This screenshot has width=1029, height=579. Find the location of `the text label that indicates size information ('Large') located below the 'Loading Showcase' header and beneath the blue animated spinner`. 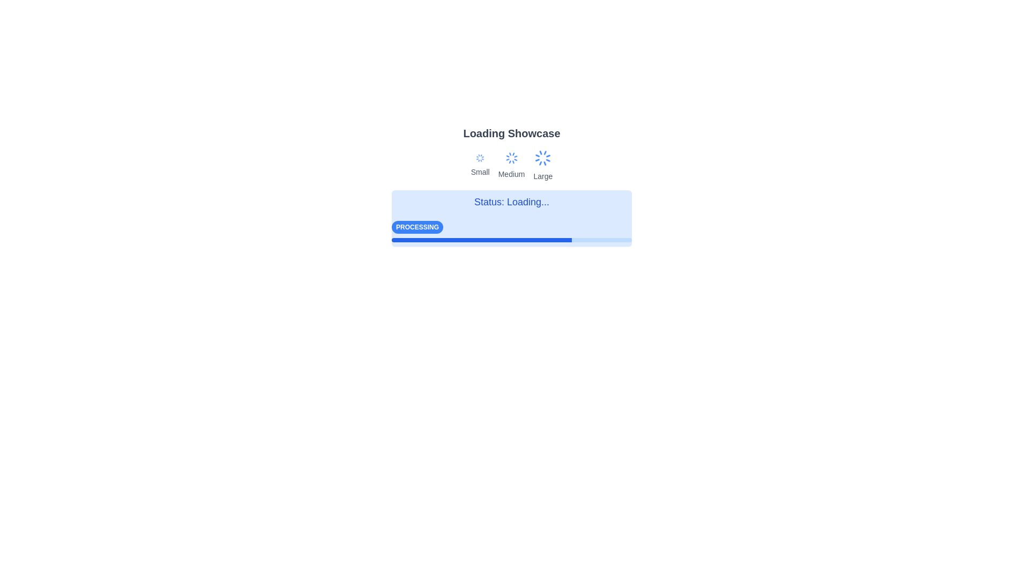

the text label that indicates size information ('Large') located below the 'Loading Showcase' header and beneath the blue animated spinner is located at coordinates (543, 175).